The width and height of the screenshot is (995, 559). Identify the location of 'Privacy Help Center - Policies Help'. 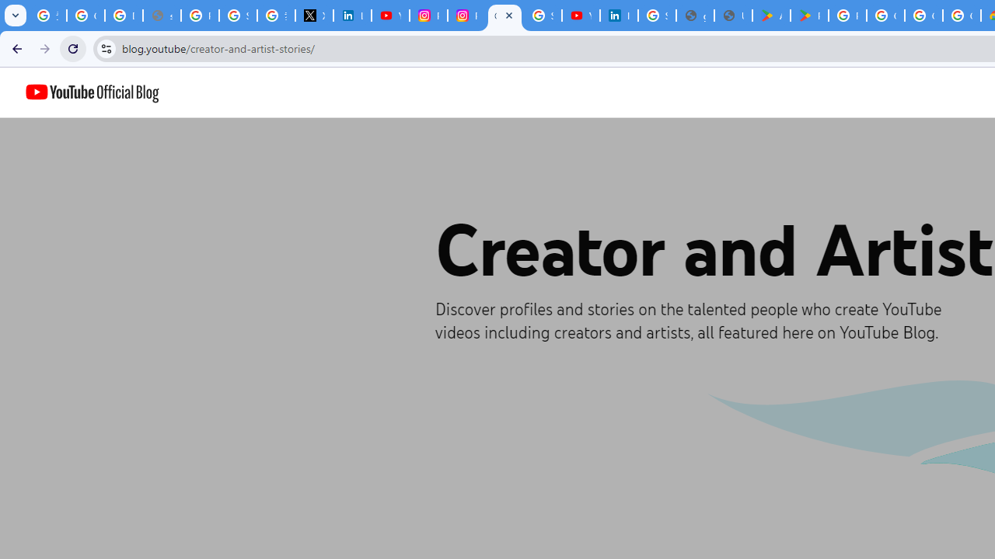
(199, 16).